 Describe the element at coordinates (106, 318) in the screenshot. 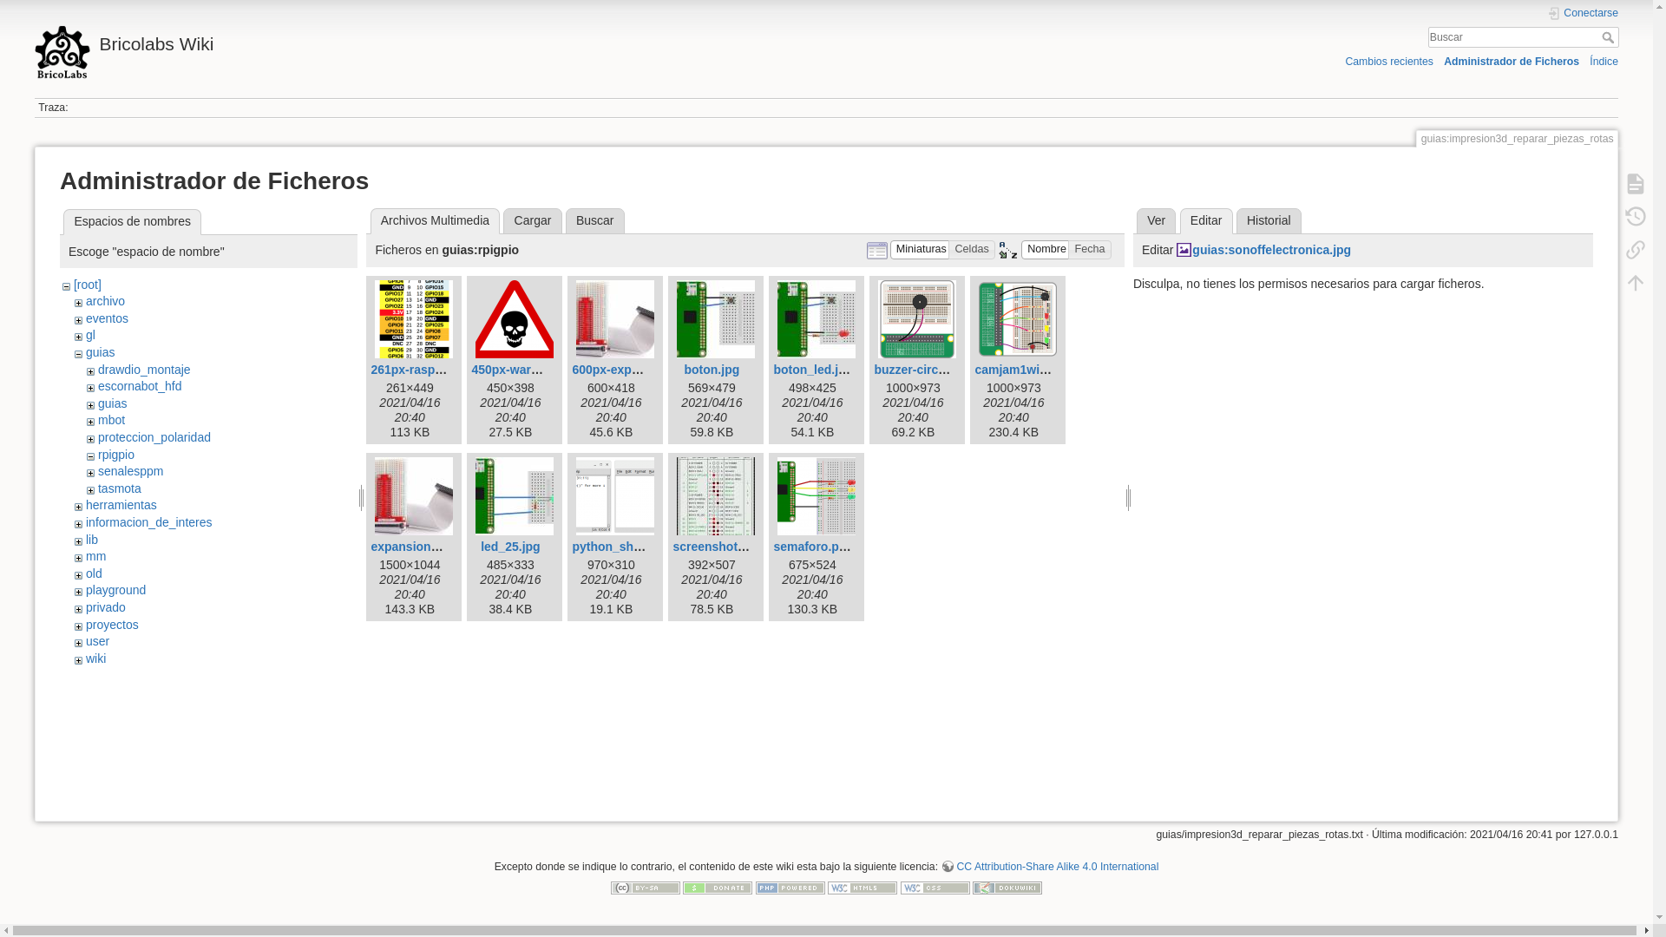

I see `'eventos'` at that location.